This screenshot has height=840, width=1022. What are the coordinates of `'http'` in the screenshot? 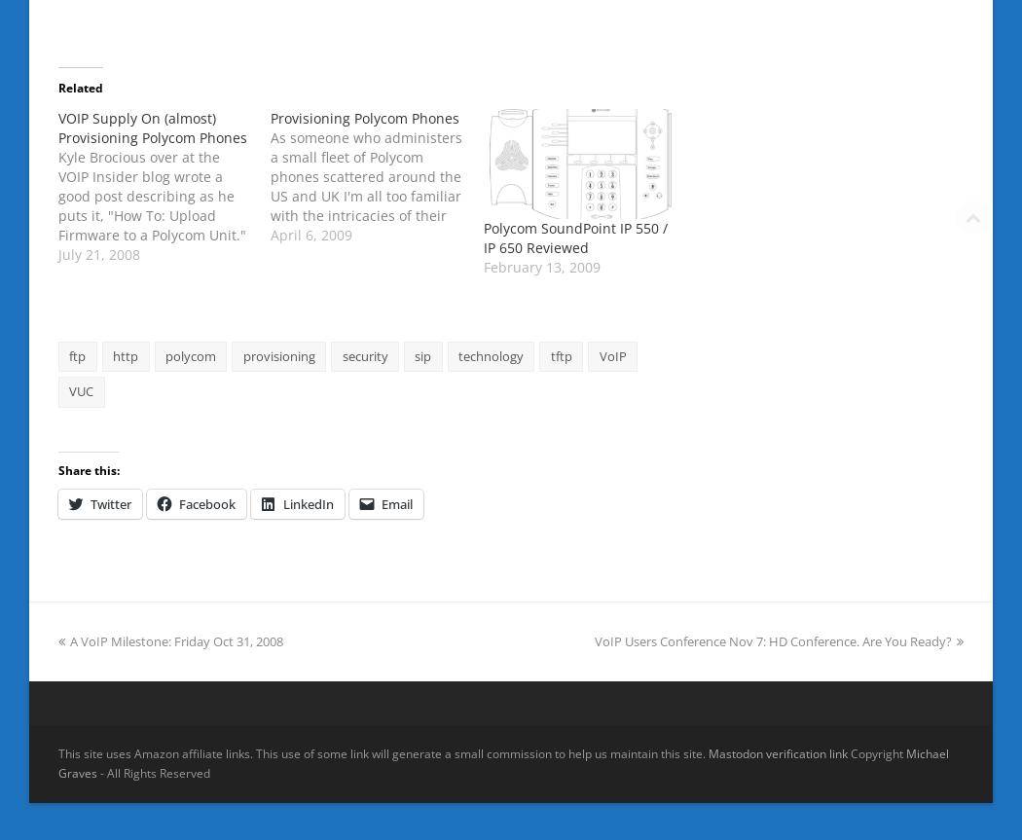 It's located at (112, 355).